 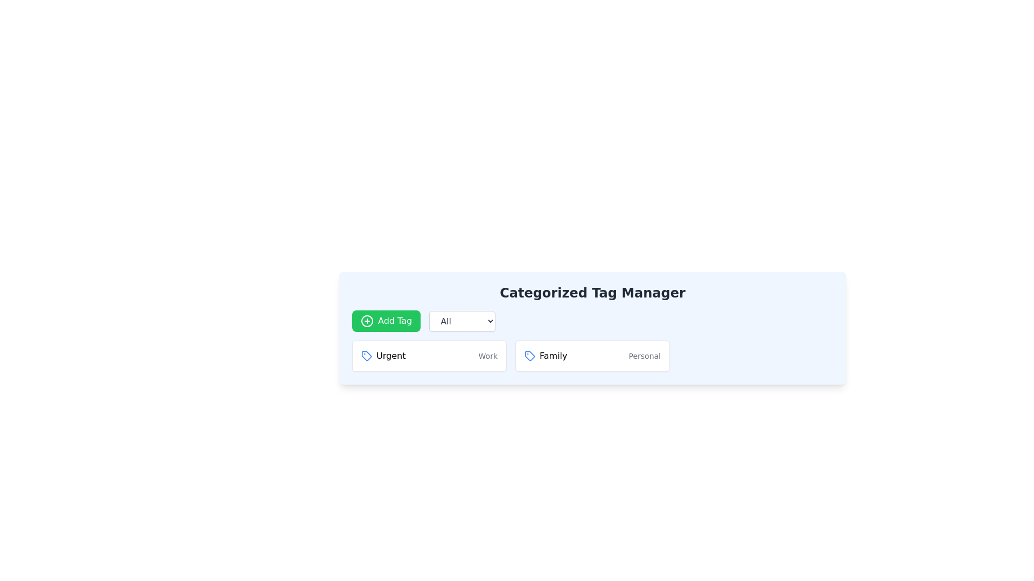 What do you see at coordinates (390, 356) in the screenshot?
I see `the text label for the tag named 'Urgent' located in the tag section of the 'Categorized Tag Manager' module` at bounding box center [390, 356].